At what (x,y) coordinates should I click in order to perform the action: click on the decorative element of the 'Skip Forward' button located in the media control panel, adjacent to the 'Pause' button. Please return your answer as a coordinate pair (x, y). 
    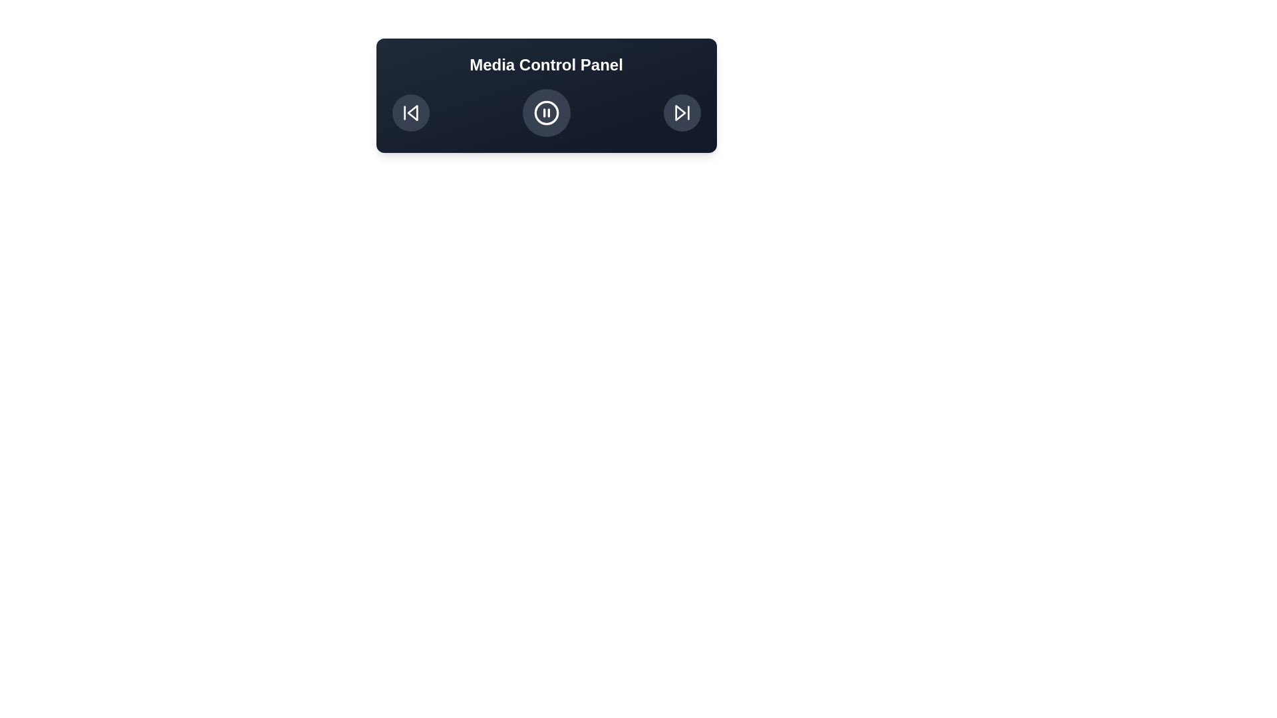
    Looking at the image, I should click on (680, 112).